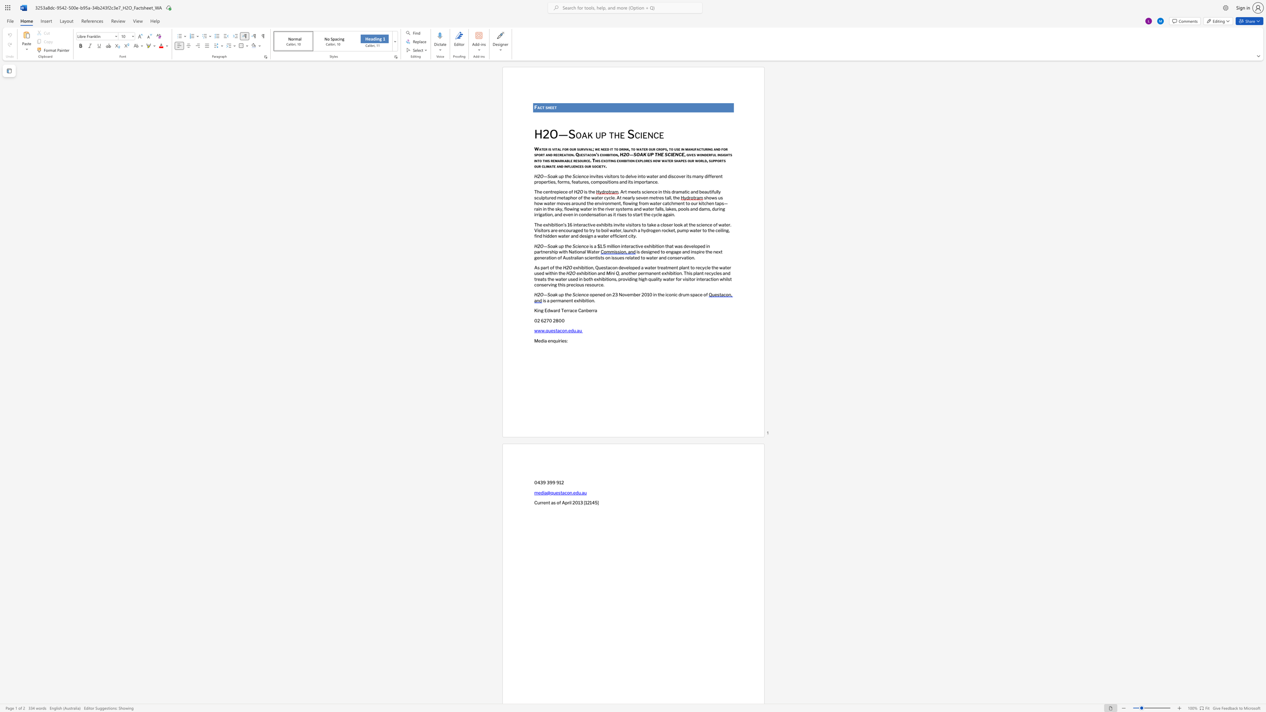  What do you see at coordinates (557, 331) in the screenshot?
I see `the space between the continuous character "t" and "a" in the text` at bounding box center [557, 331].